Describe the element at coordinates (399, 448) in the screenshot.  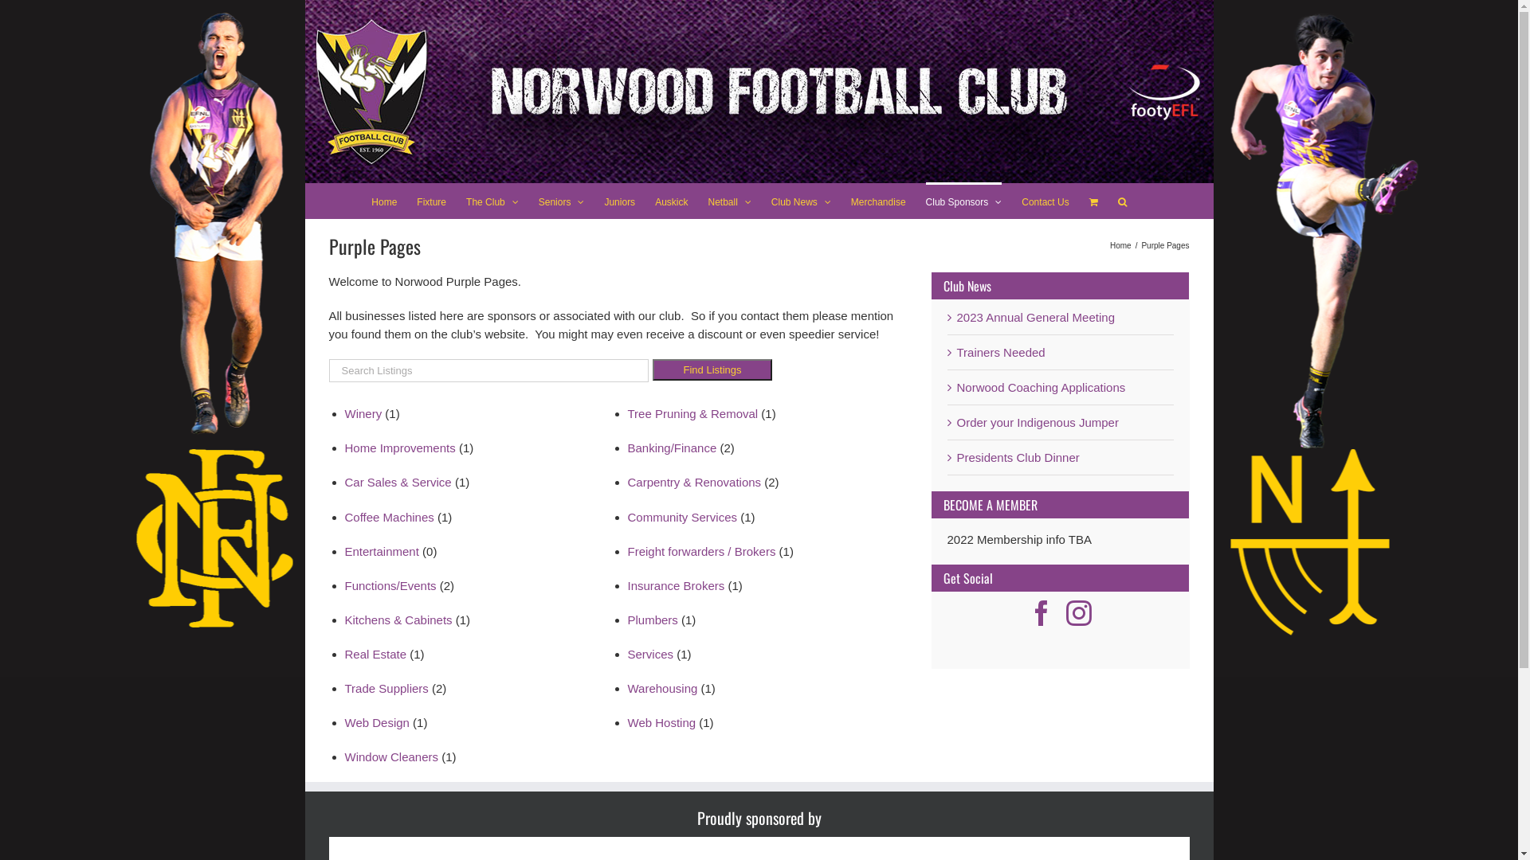
I see `'Home Improvements'` at that location.